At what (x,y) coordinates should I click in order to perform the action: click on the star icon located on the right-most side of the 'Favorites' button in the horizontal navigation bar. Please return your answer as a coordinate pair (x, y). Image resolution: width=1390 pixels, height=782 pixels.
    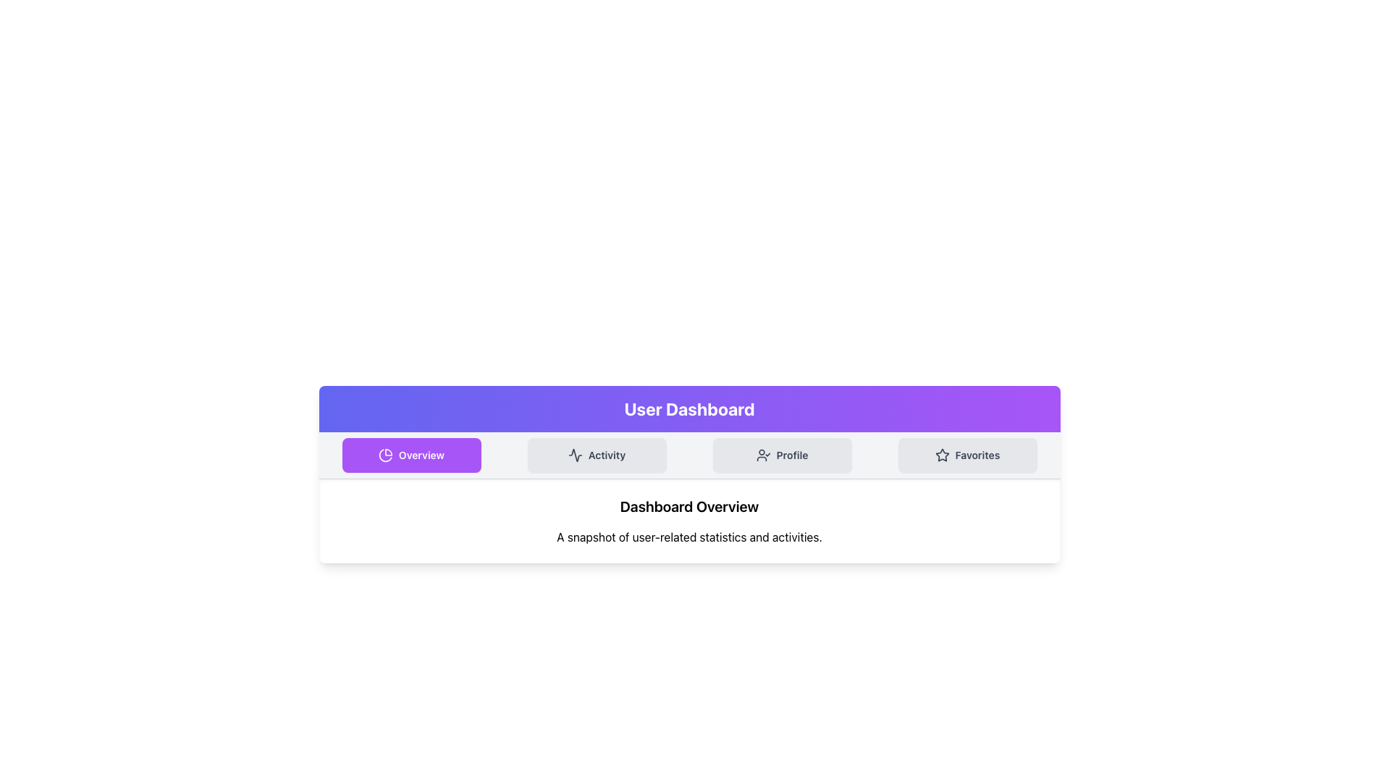
    Looking at the image, I should click on (942, 454).